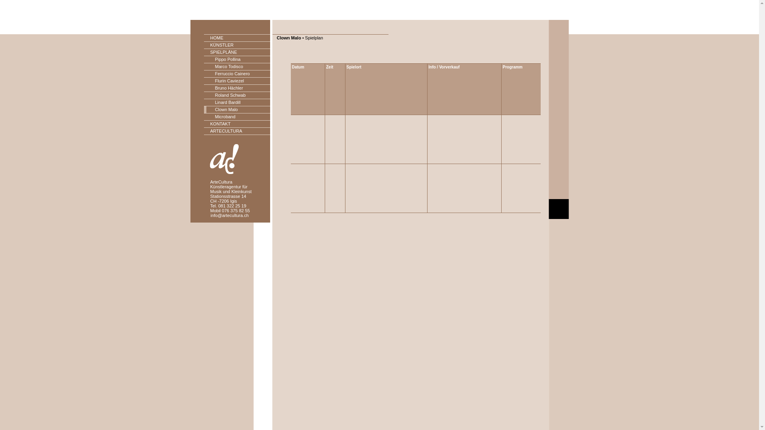 This screenshot has height=430, width=765. What do you see at coordinates (237, 66) in the screenshot?
I see `'Marco Todisco'` at bounding box center [237, 66].